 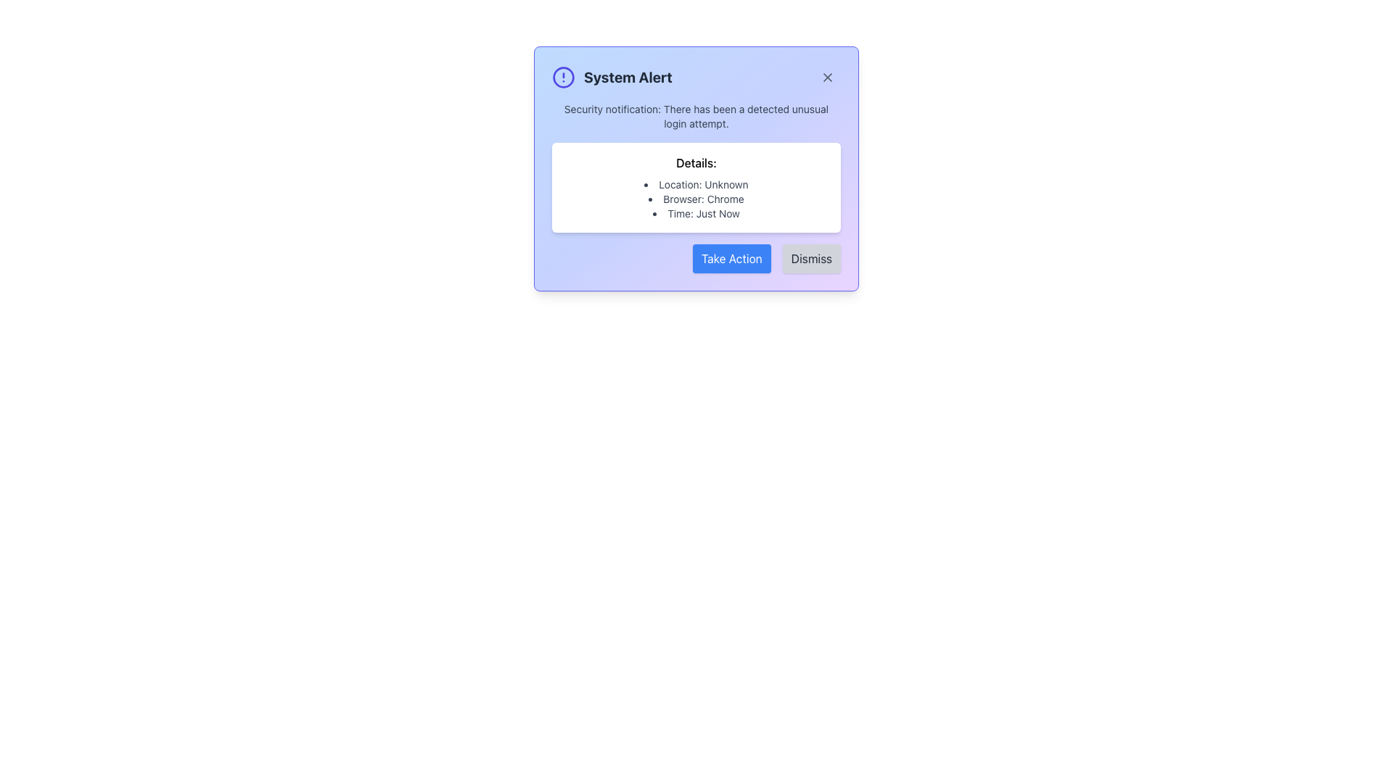 What do you see at coordinates (696, 199) in the screenshot?
I see `the Text Label that provides information about the browser being used, which is the second item in a bullet-pointed list inside a white card UI element, positioned between 'Location: Unknown' and 'Time: Just Now'` at bounding box center [696, 199].